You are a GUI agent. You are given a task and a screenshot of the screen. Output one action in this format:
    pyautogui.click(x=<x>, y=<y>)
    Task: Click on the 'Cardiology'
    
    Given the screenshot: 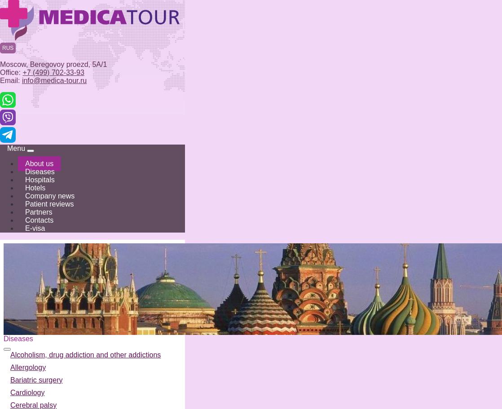 What is the action you would take?
    pyautogui.click(x=27, y=392)
    